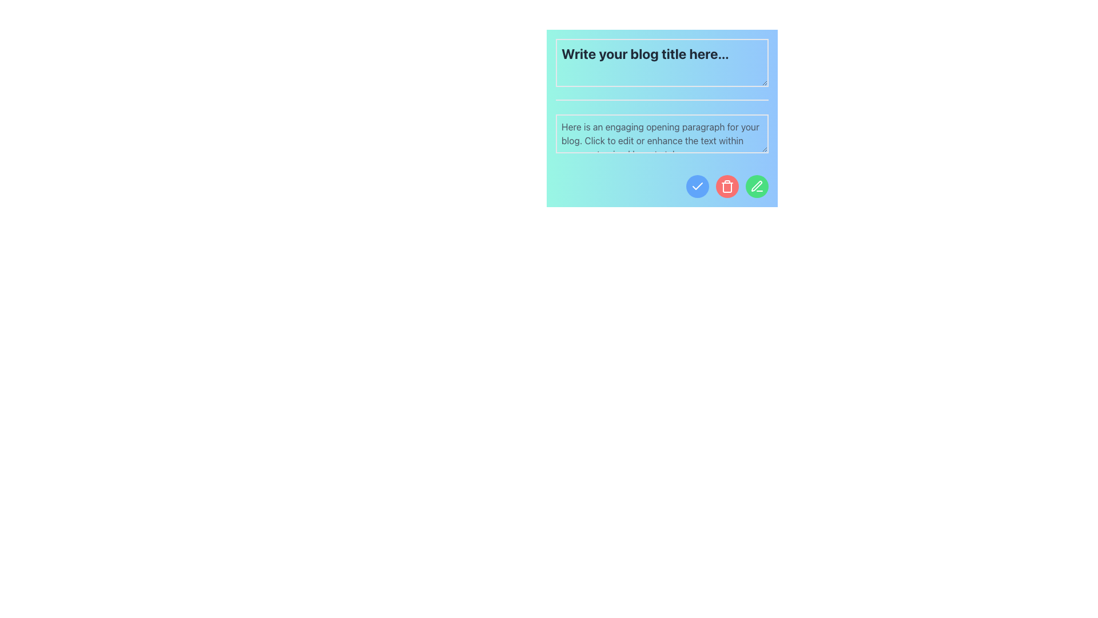 The image size is (1098, 618). What do you see at coordinates (697, 185) in the screenshot?
I see `the checkmark icon, which is a minimalistic white 'V' shape on a blue background located as the third button from the left in a circular button group at the bottom-right section of a blue card, to confirm an action` at bounding box center [697, 185].